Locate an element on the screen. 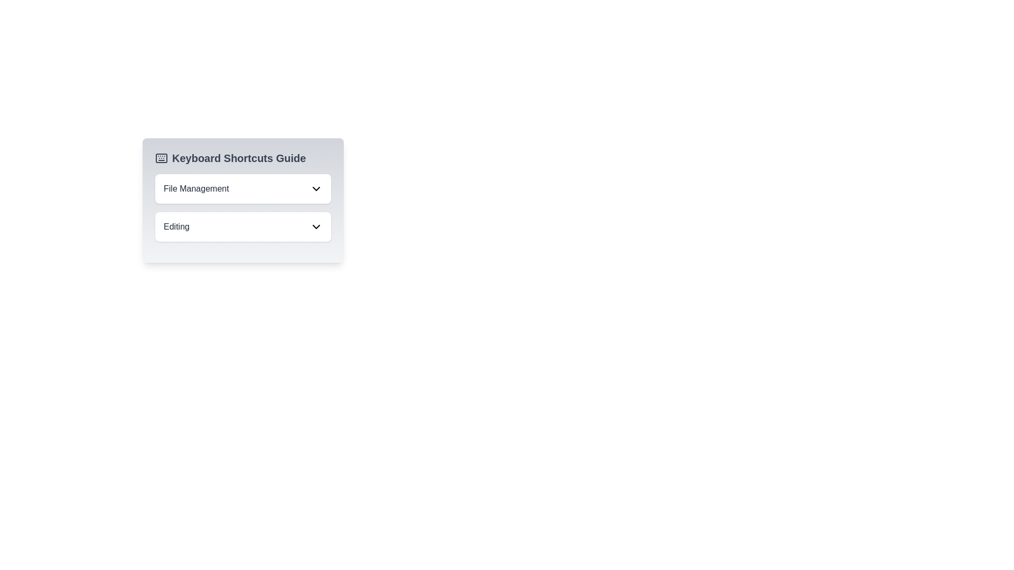  the icon adjacent to the 'Editing' label is located at coordinates (316, 226).